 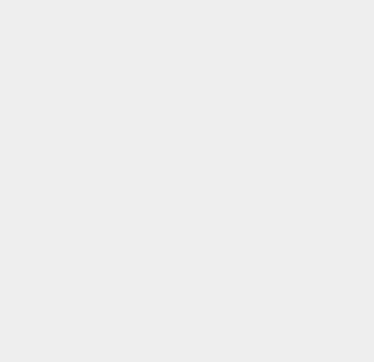 I want to click on 'OS X 10.10.5', so click(x=278, y=171).